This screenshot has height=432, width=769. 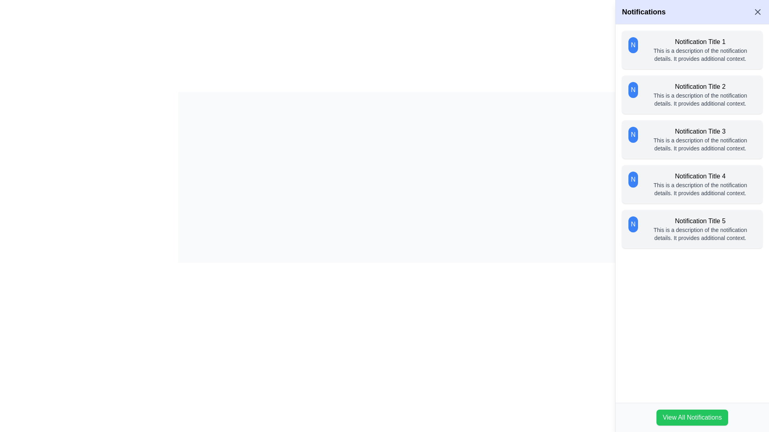 What do you see at coordinates (700, 144) in the screenshot?
I see `the descriptive text in the third notification item below the title 'Notification Title 3' on the right side of the interface` at bounding box center [700, 144].